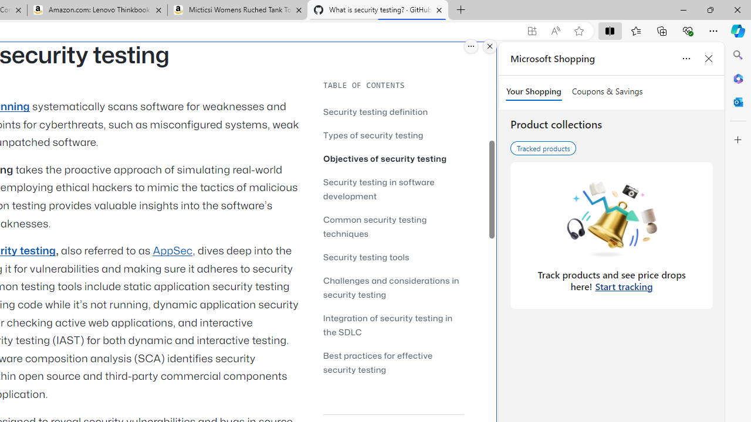 This screenshot has width=751, height=422. Describe the element at coordinates (393, 111) in the screenshot. I see `'Security testing definition'` at that location.